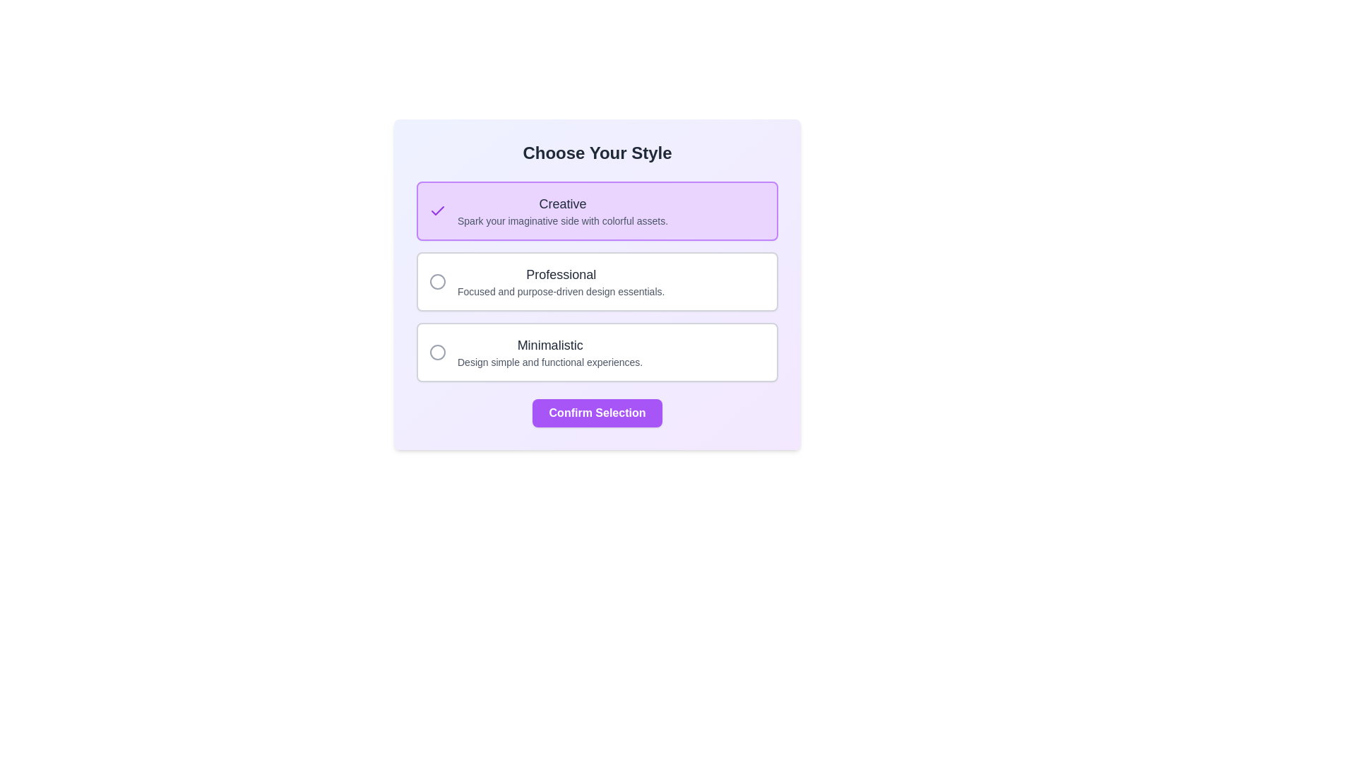 Image resolution: width=1356 pixels, height=763 pixels. I want to click on text displayed in the text label that says 'Spark your imaginative side with colorful assets.', which is located below the larger text 'Creative' in the highlighted 'Creative' option card, so click(561, 220).